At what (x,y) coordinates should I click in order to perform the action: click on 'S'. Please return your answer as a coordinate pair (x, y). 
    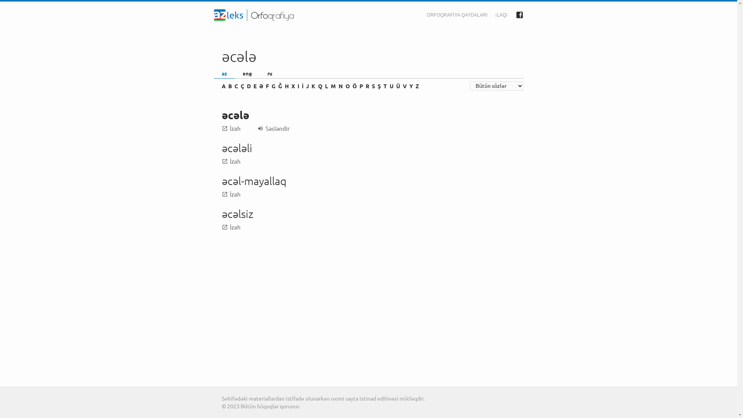
    Looking at the image, I should click on (373, 86).